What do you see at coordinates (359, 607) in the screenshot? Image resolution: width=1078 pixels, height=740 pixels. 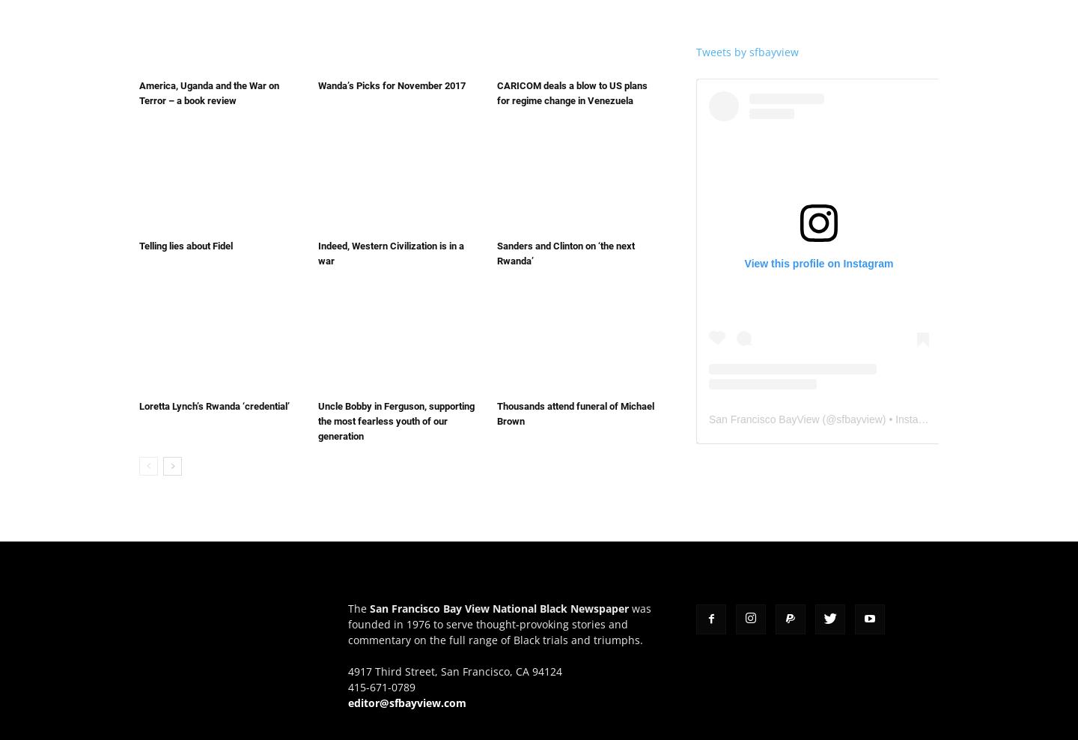 I see `'The'` at bounding box center [359, 607].